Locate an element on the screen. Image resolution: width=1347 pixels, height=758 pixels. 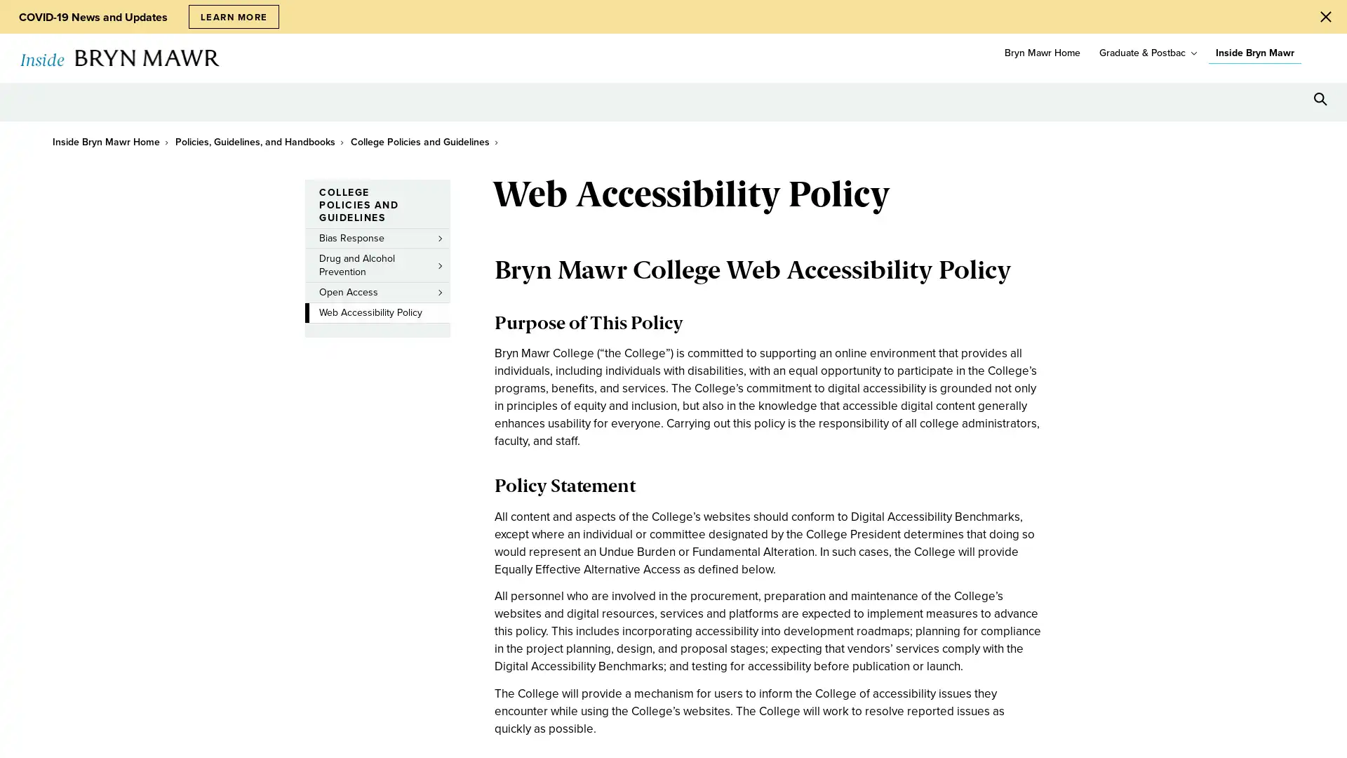
toggle submenu is located at coordinates (161, 91).